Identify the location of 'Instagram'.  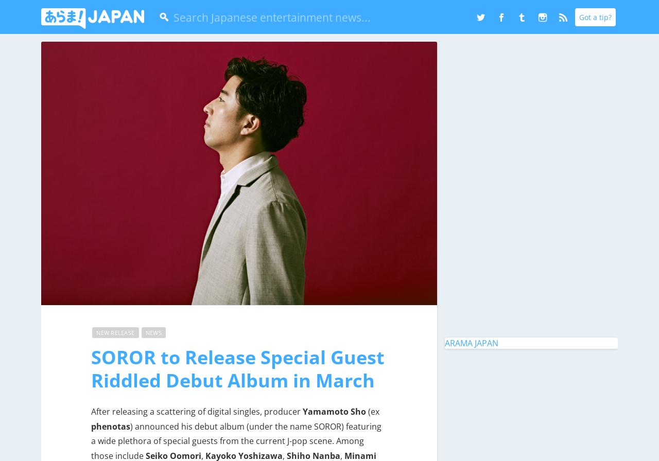
(569, 25).